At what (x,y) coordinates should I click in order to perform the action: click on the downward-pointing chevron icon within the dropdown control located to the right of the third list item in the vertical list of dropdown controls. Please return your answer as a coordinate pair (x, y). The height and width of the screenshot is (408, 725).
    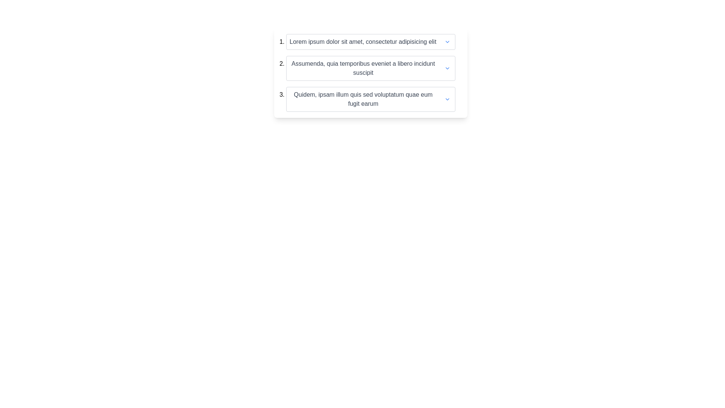
    Looking at the image, I should click on (447, 99).